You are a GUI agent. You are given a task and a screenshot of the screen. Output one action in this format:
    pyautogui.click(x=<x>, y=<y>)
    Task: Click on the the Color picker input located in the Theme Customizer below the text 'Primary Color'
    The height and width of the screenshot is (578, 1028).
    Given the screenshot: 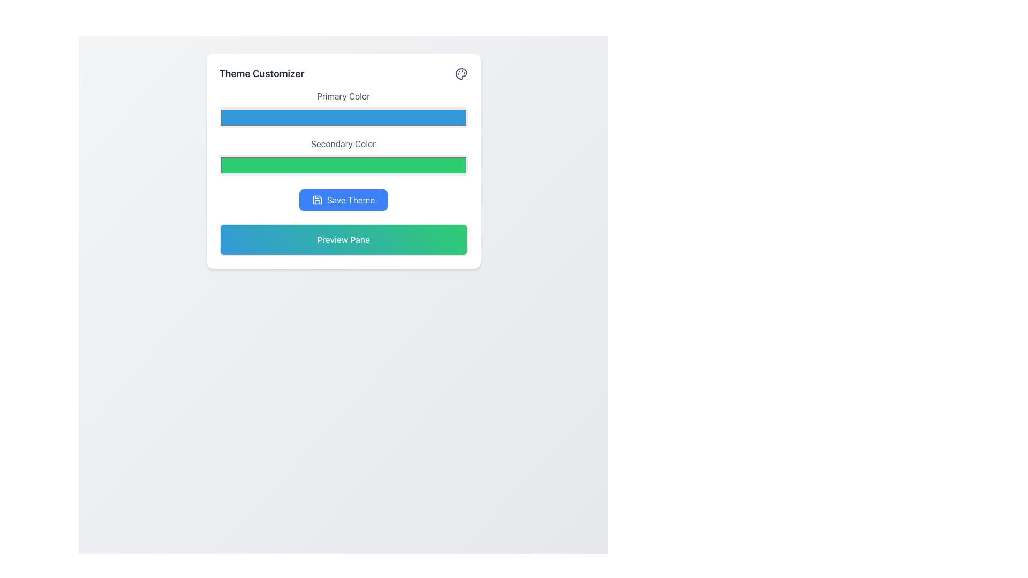 What is the action you would take?
    pyautogui.click(x=343, y=117)
    